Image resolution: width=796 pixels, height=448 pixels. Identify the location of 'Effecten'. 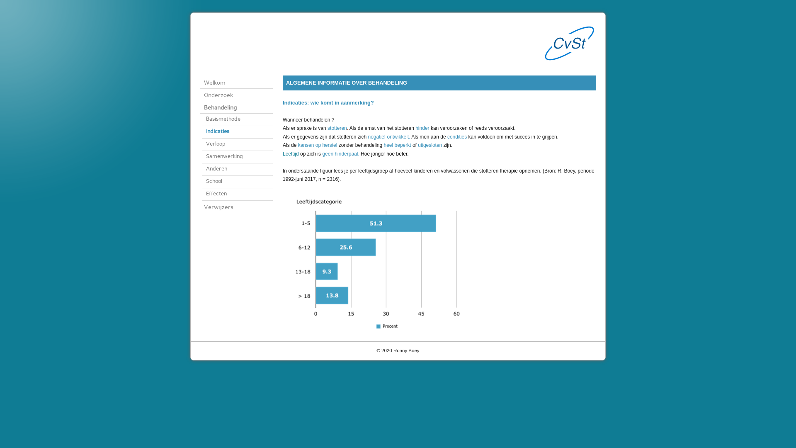
(201, 195).